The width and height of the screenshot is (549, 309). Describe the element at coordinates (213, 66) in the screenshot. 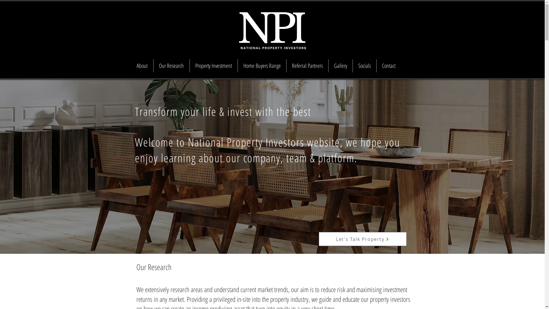

I see `'Property Investment'` at that location.